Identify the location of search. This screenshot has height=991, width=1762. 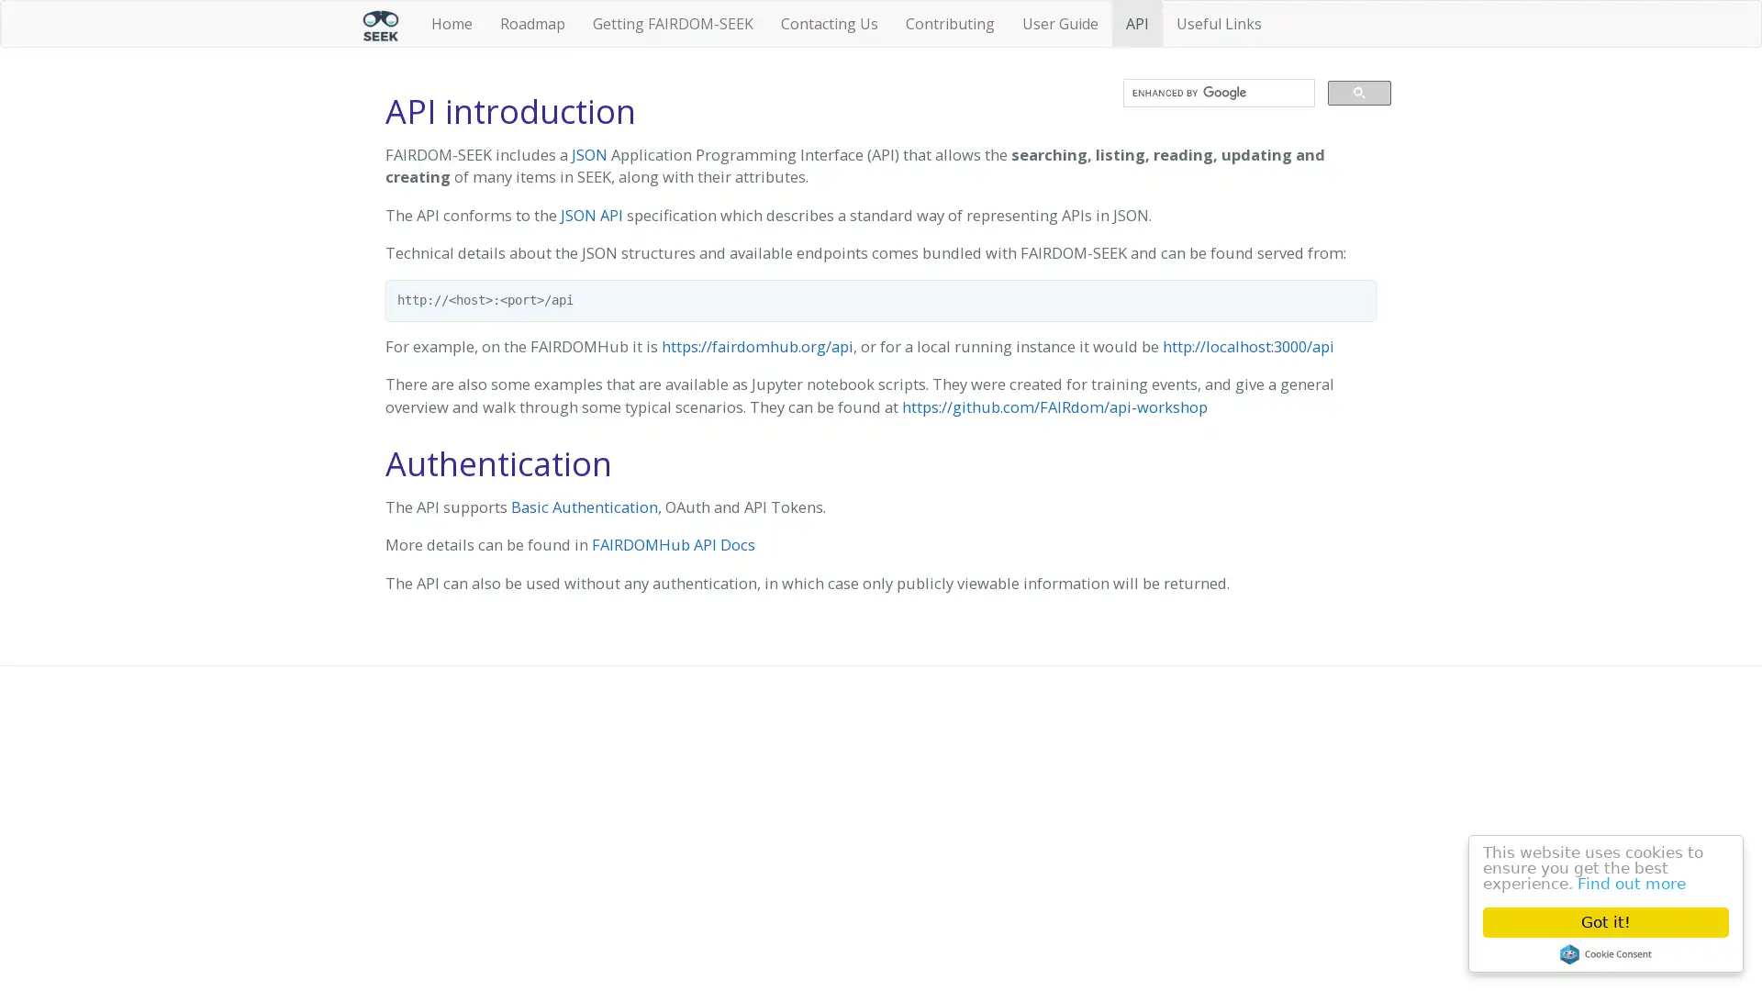
(1359, 92).